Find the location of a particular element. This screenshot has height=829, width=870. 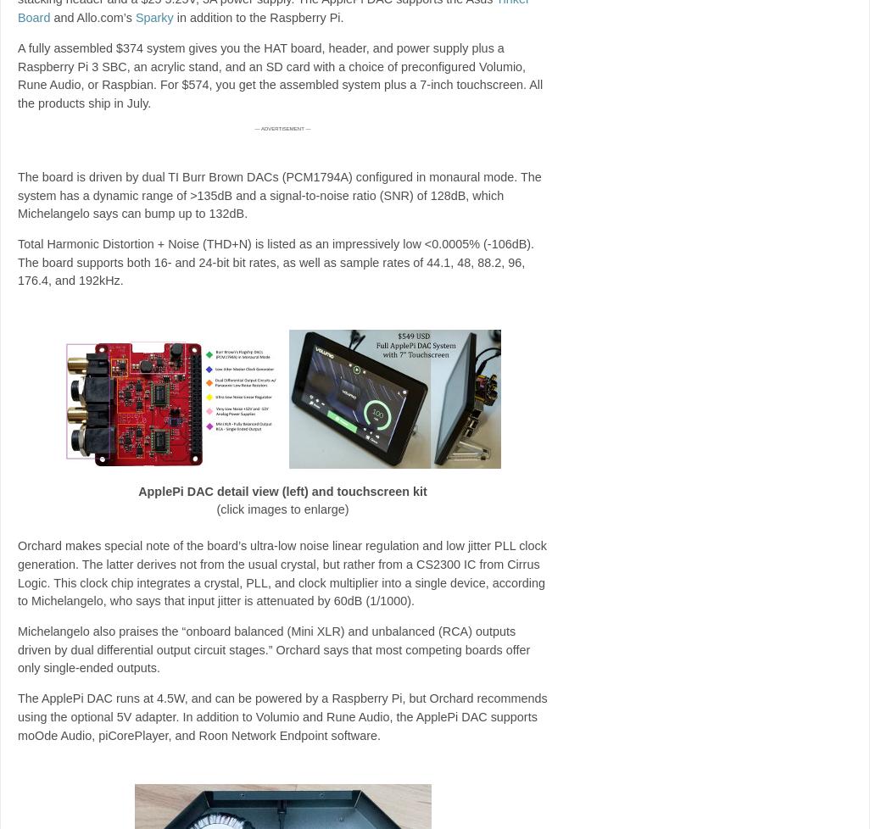

'A fully assembled $374 system gives you the HAT board, header, and power supply plus a Raspberry Pi 3 SBC, an acrylic stand, and an SD card with a choice of preconfigured Volumio, Rune Audio, or Raspbian. For $574, you get the assembled system plus a 7-inch touchscreen. All the products ship in July.' is located at coordinates (280, 75).